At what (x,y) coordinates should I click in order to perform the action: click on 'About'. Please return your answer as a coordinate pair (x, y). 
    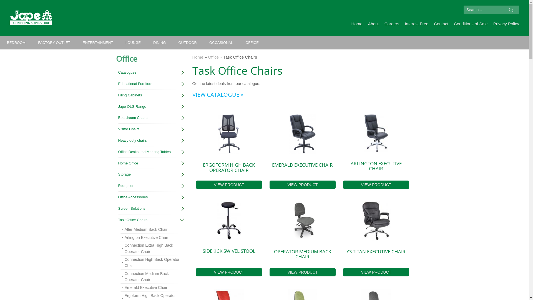
    Looking at the image, I should click on (373, 23).